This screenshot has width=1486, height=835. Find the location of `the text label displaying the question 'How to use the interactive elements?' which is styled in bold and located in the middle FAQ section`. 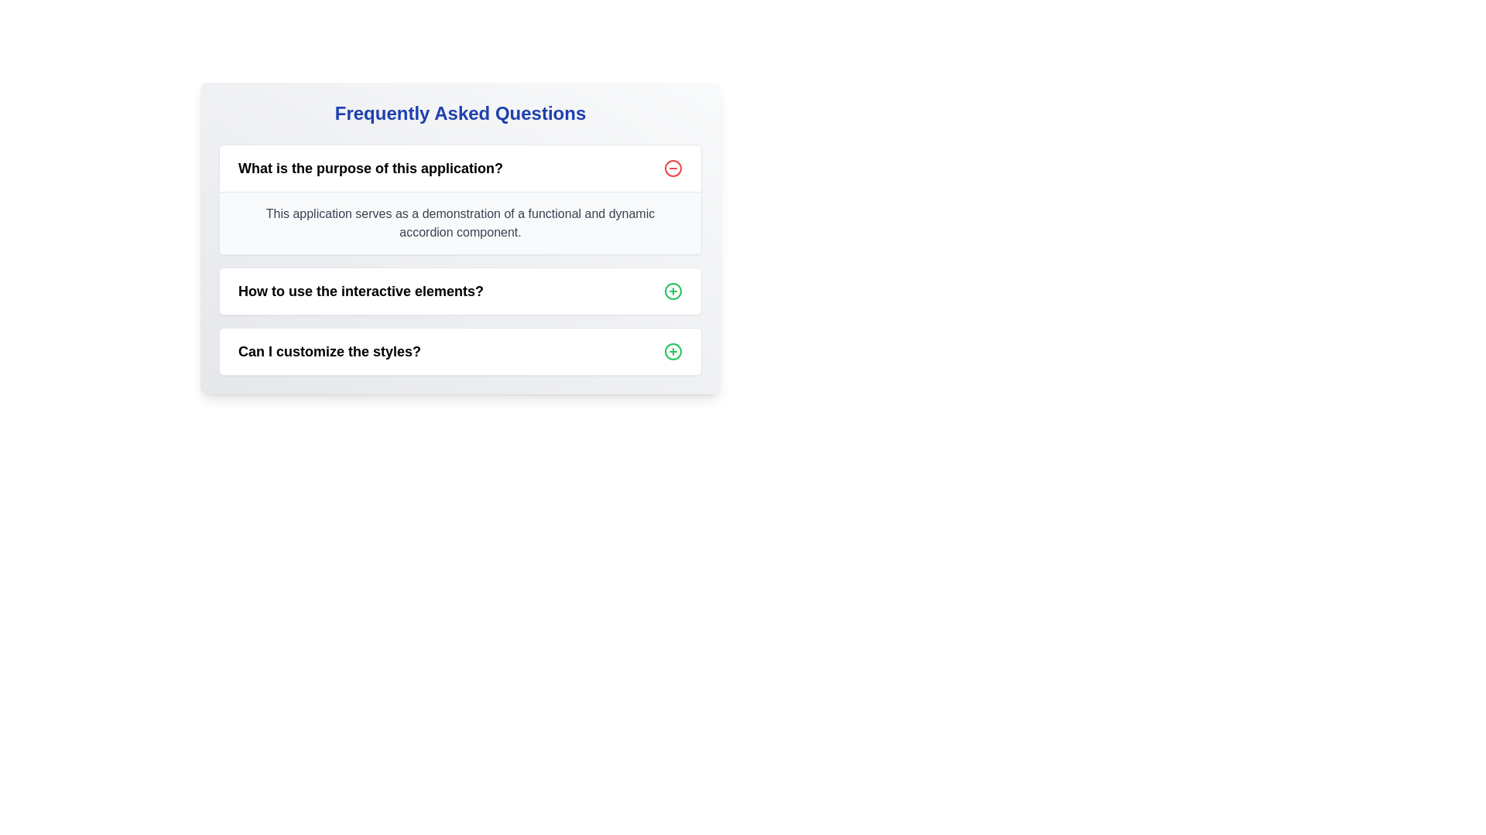

the text label displaying the question 'How to use the interactive elements?' which is styled in bold and located in the middle FAQ section is located at coordinates (360, 291).